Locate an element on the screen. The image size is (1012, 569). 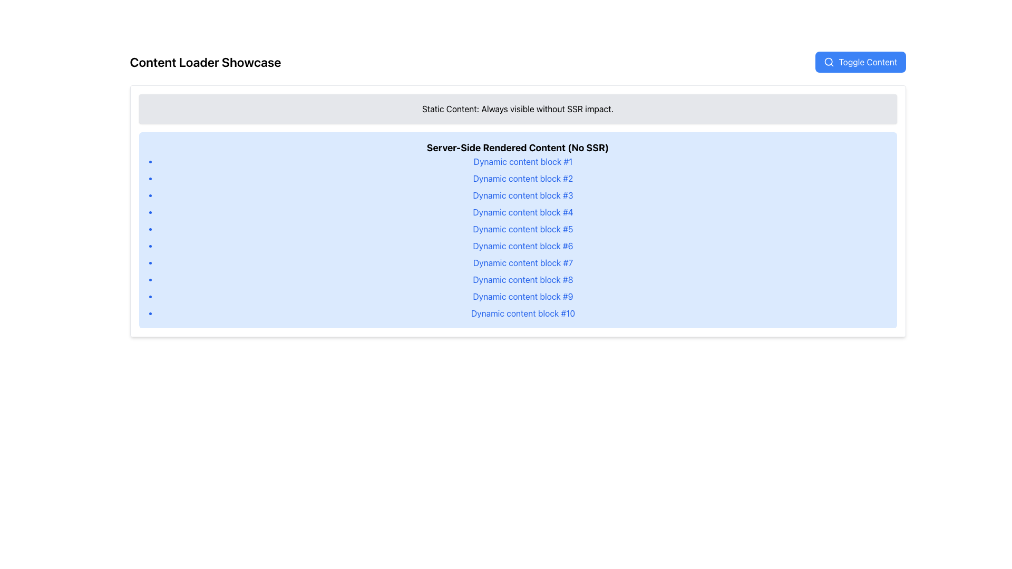
the text element displaying 'Dynamic content block #6', which is styled in blue and is the sixth item in a vertically arranged list on a blue background is located at coordinates (523, 246).